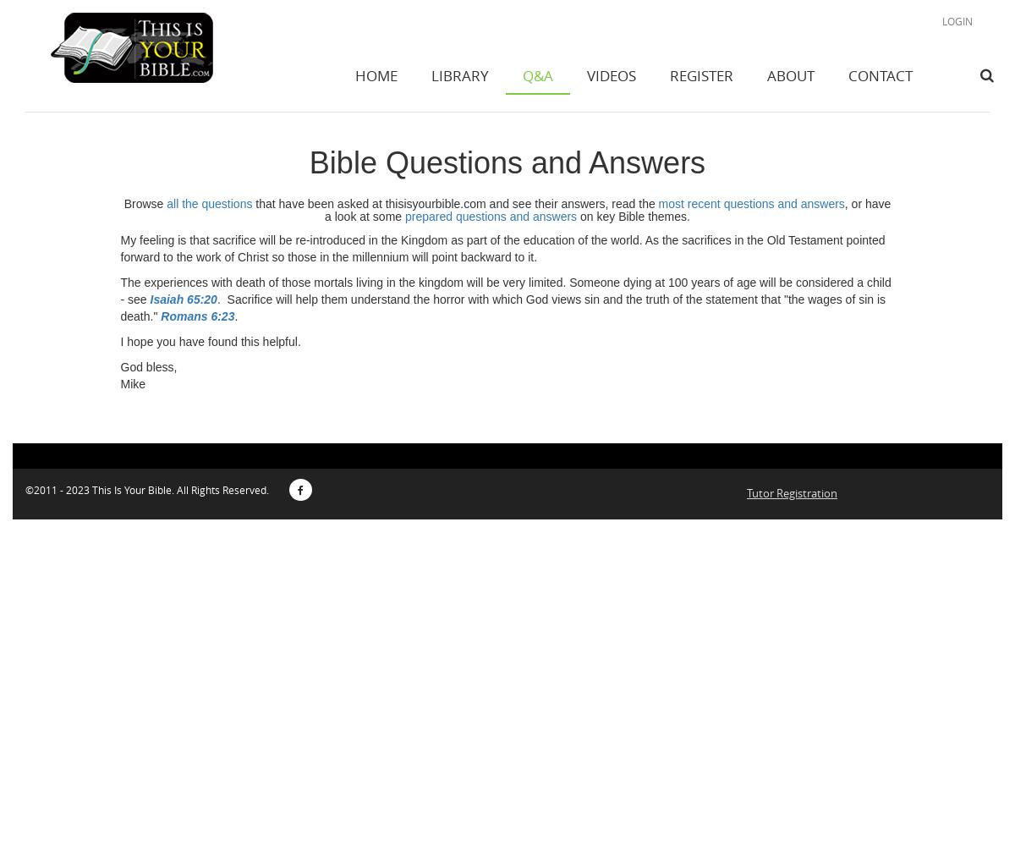 Image resolution: width=1015 pixels, height=846 pixels. What do you see at coordinates (119, 249) in the screenshot?
I see `'My feeling is that sacrifice will be re-introduced in the Kingdom as part of the education of the world. As the sacrifices in the Old Testament pointed forward to the work of Christ so those in the millennium will point backward to it.'` at bounding box center [119, 249].